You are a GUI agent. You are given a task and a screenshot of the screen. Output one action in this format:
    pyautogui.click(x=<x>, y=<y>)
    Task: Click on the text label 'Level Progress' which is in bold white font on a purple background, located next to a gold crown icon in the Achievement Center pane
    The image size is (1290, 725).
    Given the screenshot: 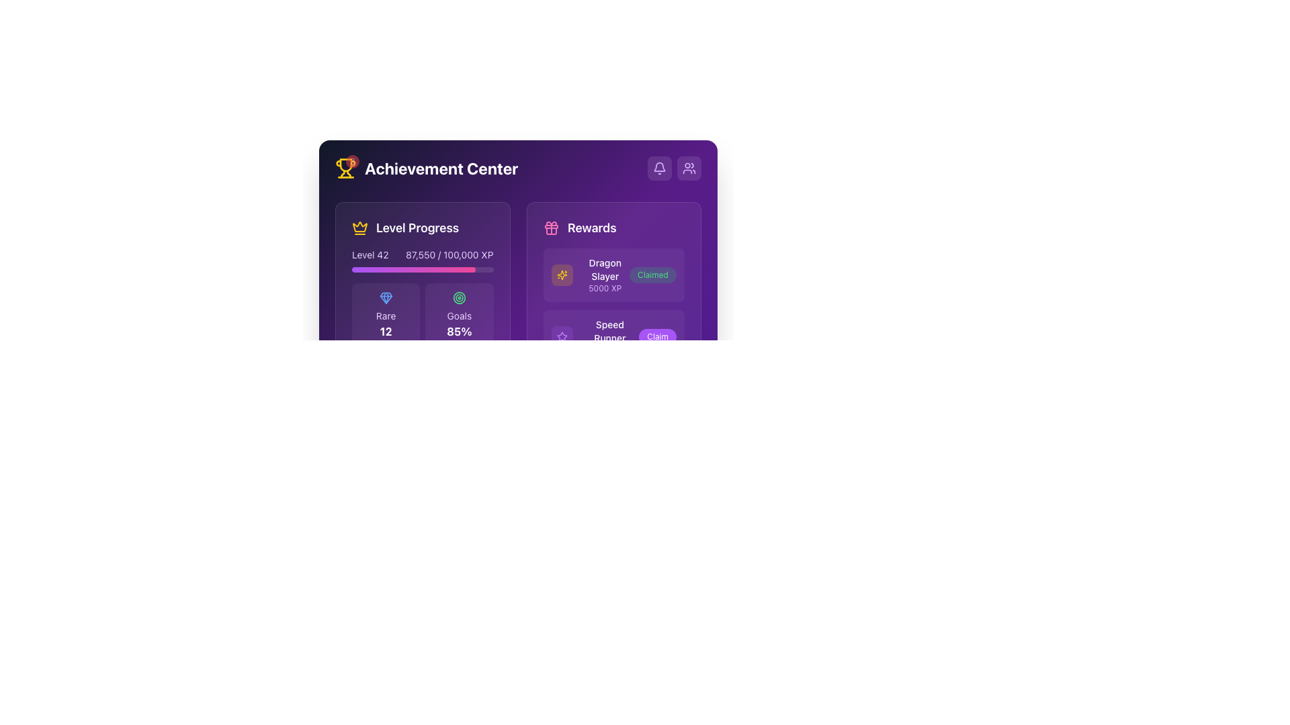 What is the action you would take?
    pyautogui.click(x=417, y=227)
    